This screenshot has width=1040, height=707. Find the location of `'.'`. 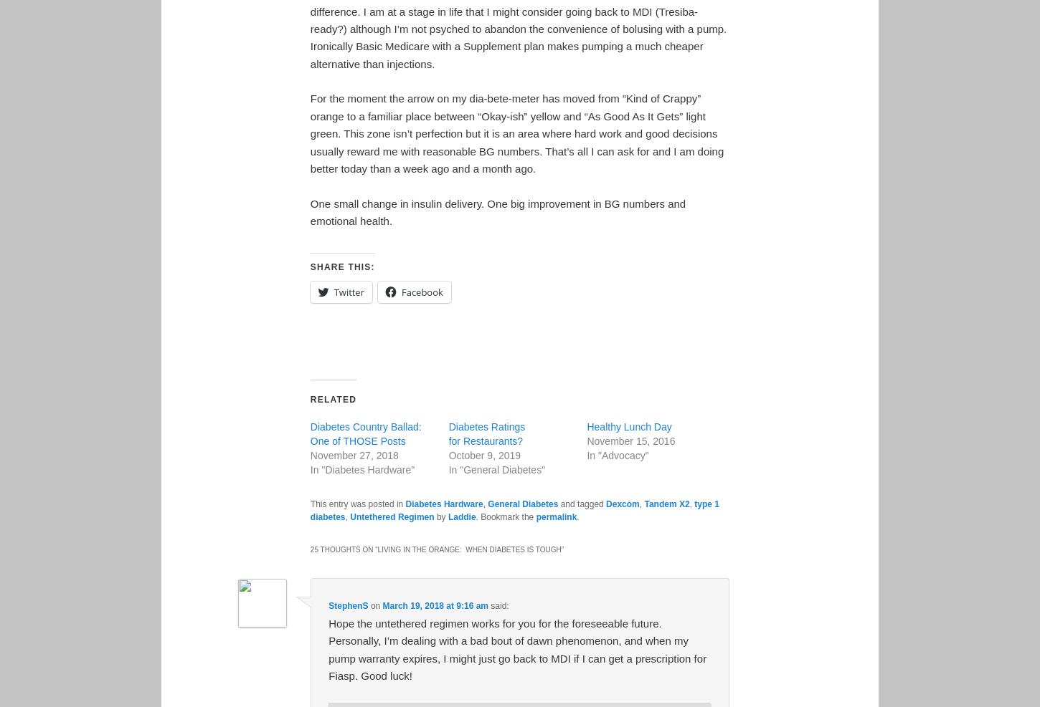

'.' is located at coordinates (577, 516).